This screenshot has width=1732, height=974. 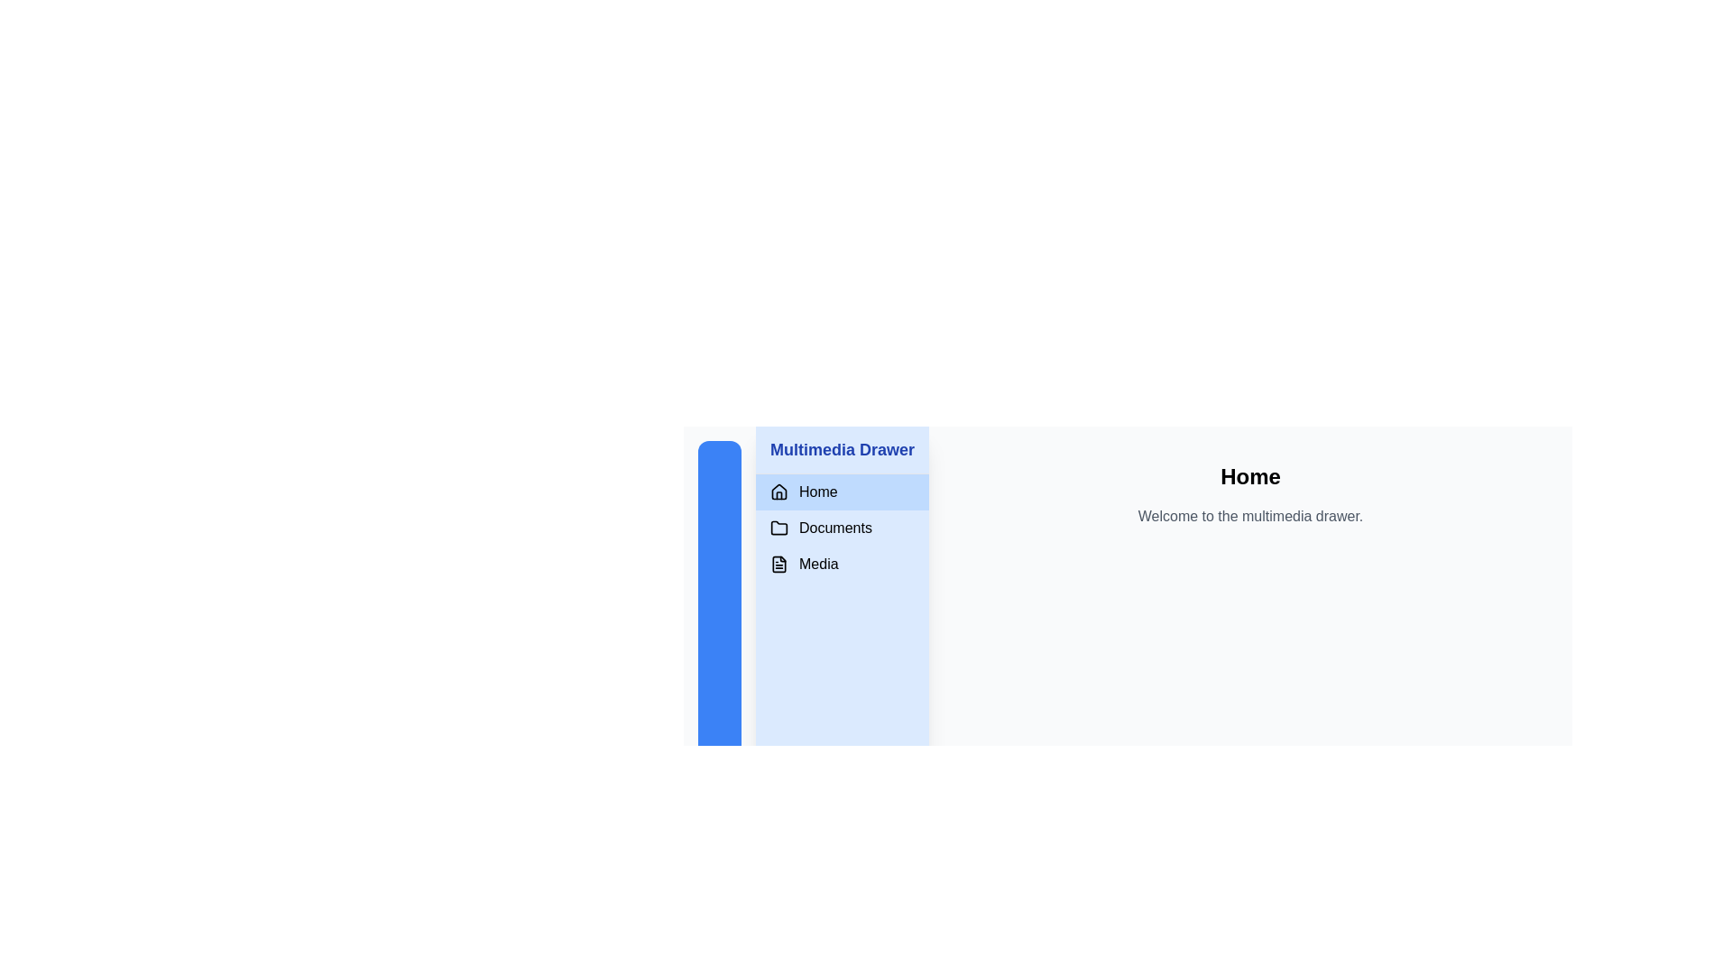 I want to click on the second item in the 'Multimedia Drawer' navigation menu, so click(x=842, y=528).